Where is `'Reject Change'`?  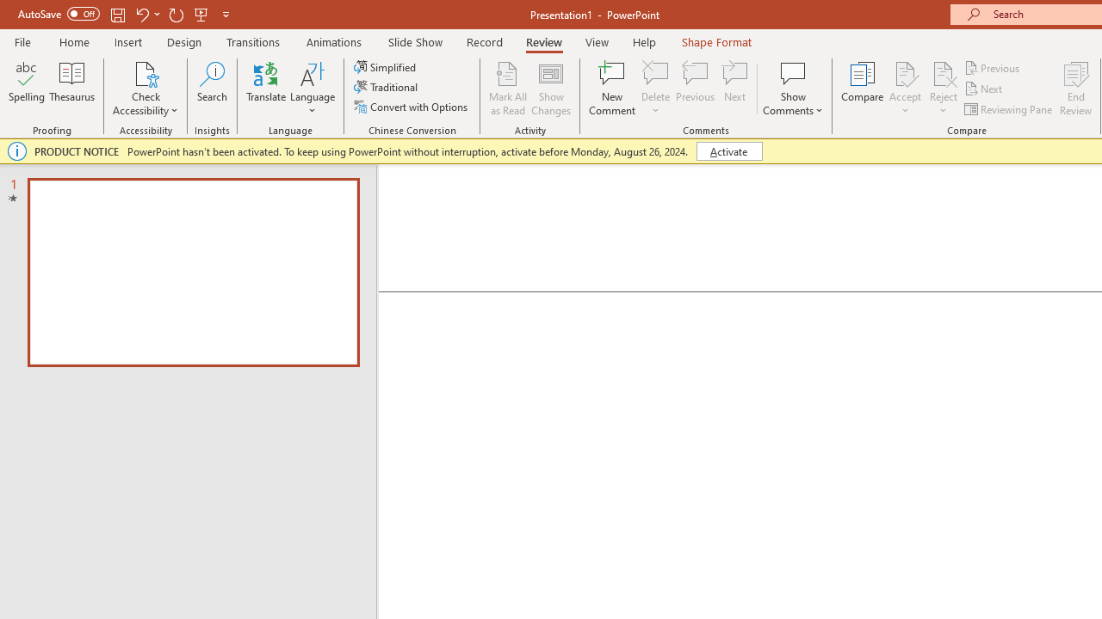
'Reject Change' is located at coordinates (943, 72).